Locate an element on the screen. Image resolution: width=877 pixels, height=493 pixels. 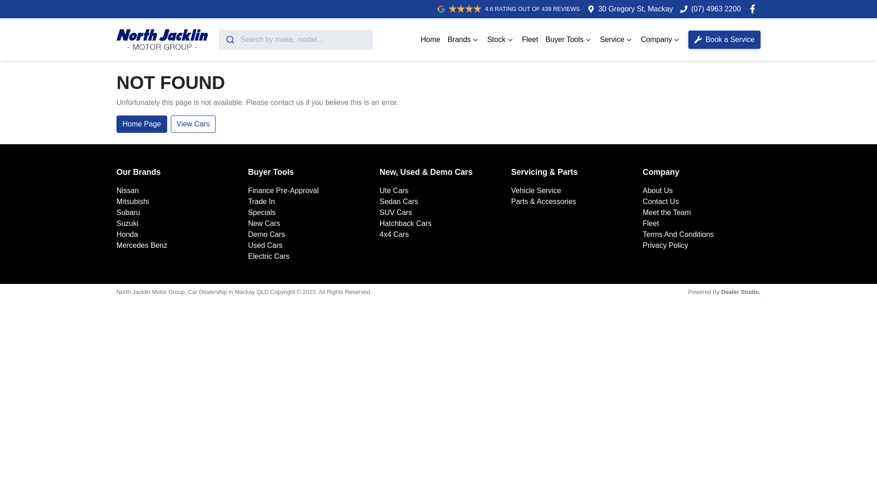
'Ute Cars' is located at coordinates (379, 190).